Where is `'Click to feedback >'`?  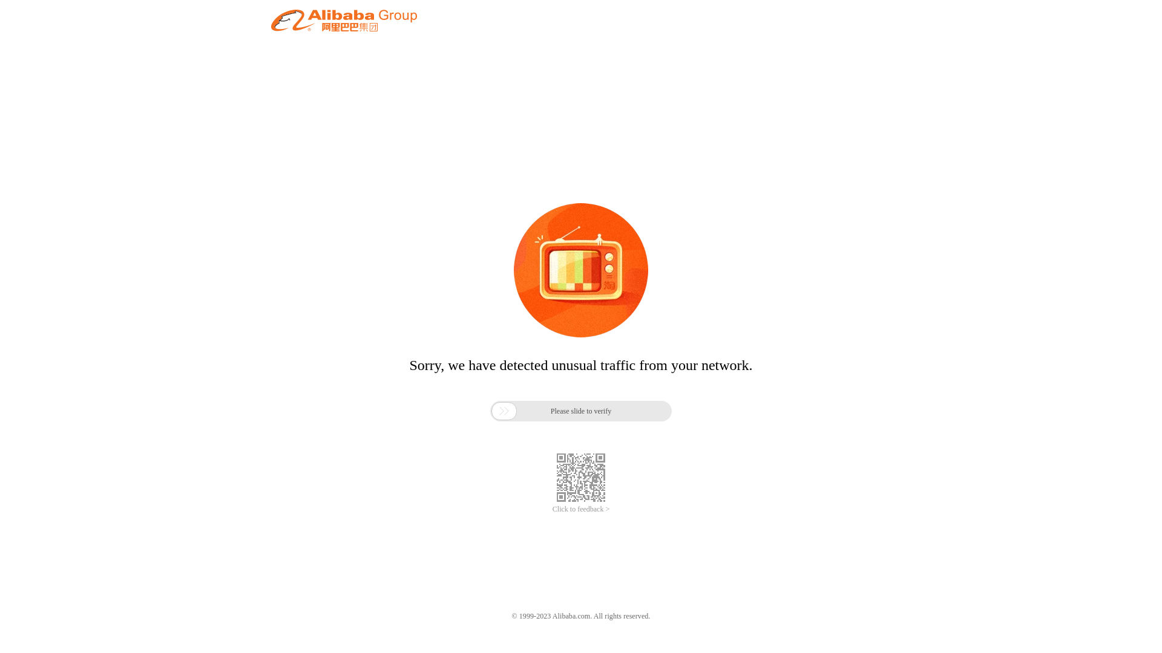
'Click to feedback >' is located at coordinates (581, 509).